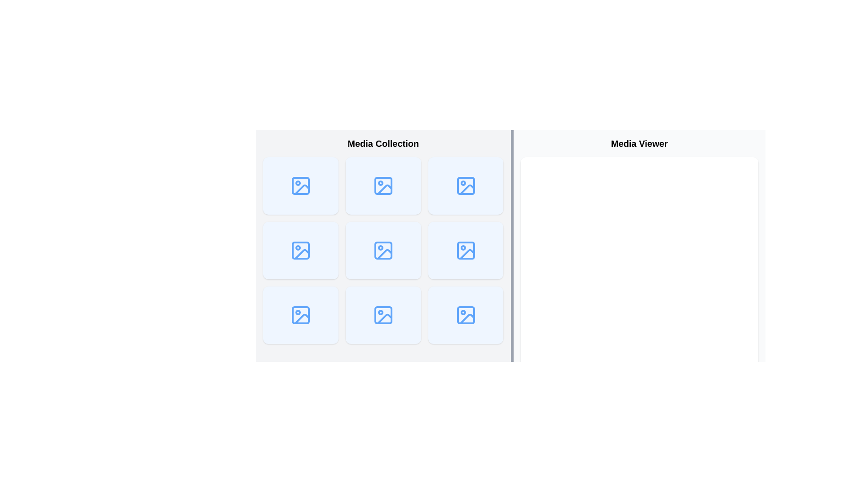 The width and height of the screenshot is (862, 485). What do you see at coordinates (466, 251) in the screenshot?
I see `the third icon in the third row of the 3x3 grid layout in the 'Media Collection' section` at bounding box center [466, 251].